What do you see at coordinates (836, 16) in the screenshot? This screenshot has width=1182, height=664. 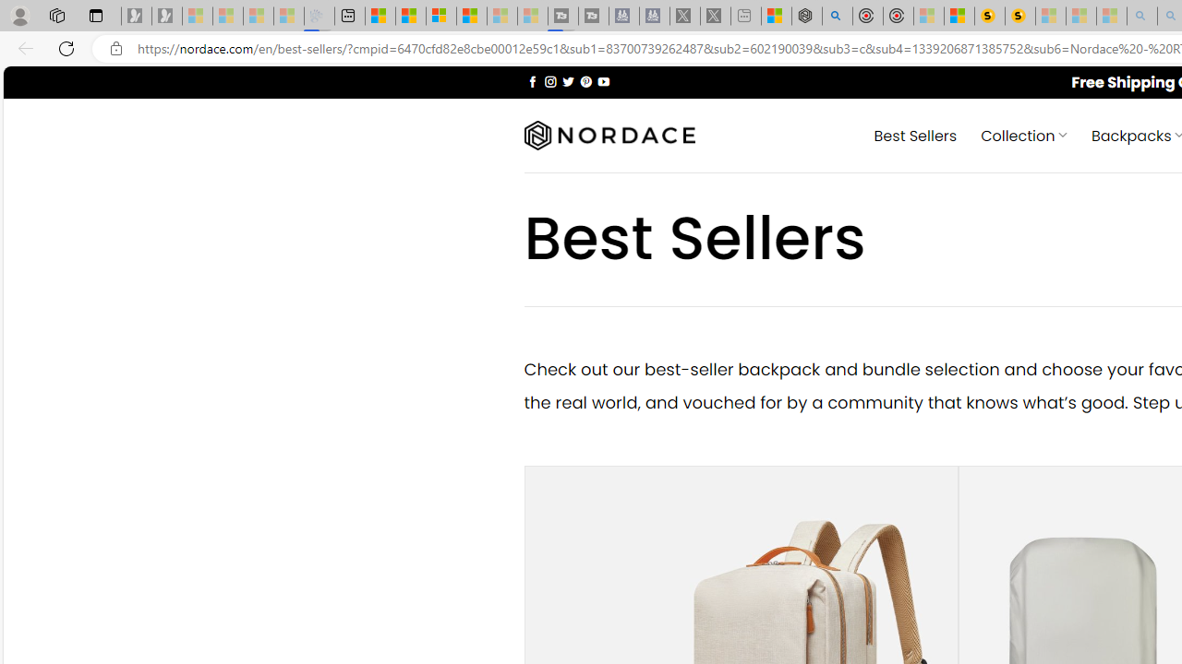 I see `'poe - Search'` at bounding box center [836, 16].